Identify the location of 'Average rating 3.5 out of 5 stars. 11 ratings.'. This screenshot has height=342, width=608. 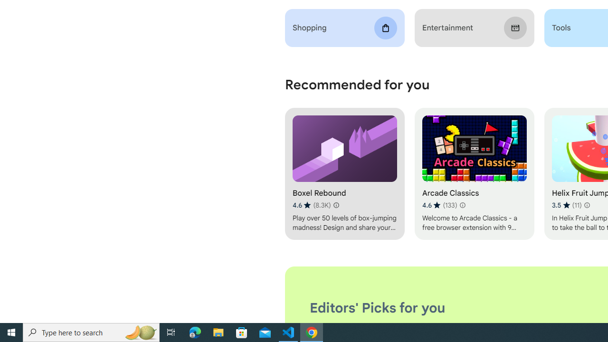
(566, 205).